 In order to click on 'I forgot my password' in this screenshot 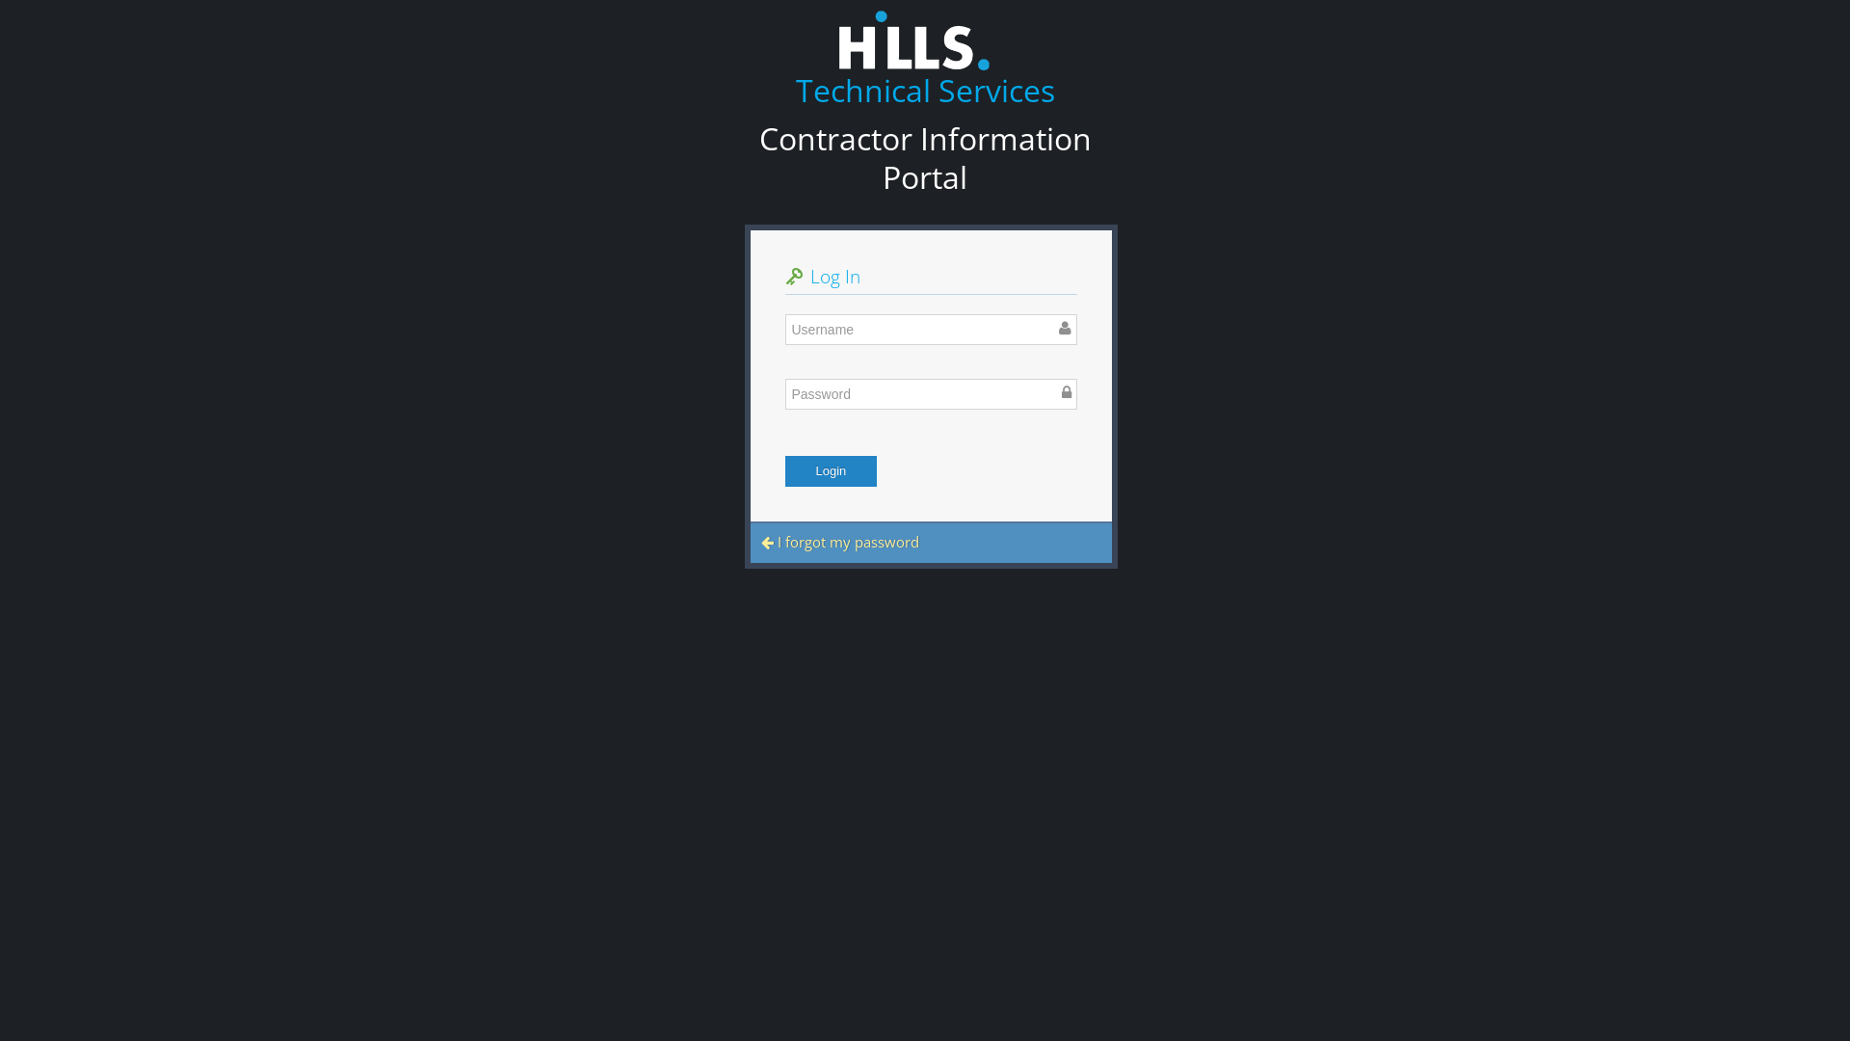, I will do `click(840, 542)`.